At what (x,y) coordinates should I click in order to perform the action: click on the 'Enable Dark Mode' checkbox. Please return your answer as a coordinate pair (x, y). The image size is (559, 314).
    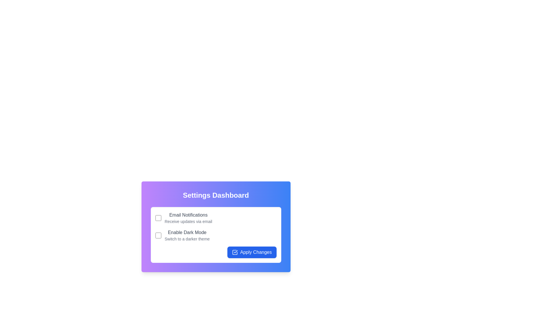
    Looking at the image, I should click on (158, 235).